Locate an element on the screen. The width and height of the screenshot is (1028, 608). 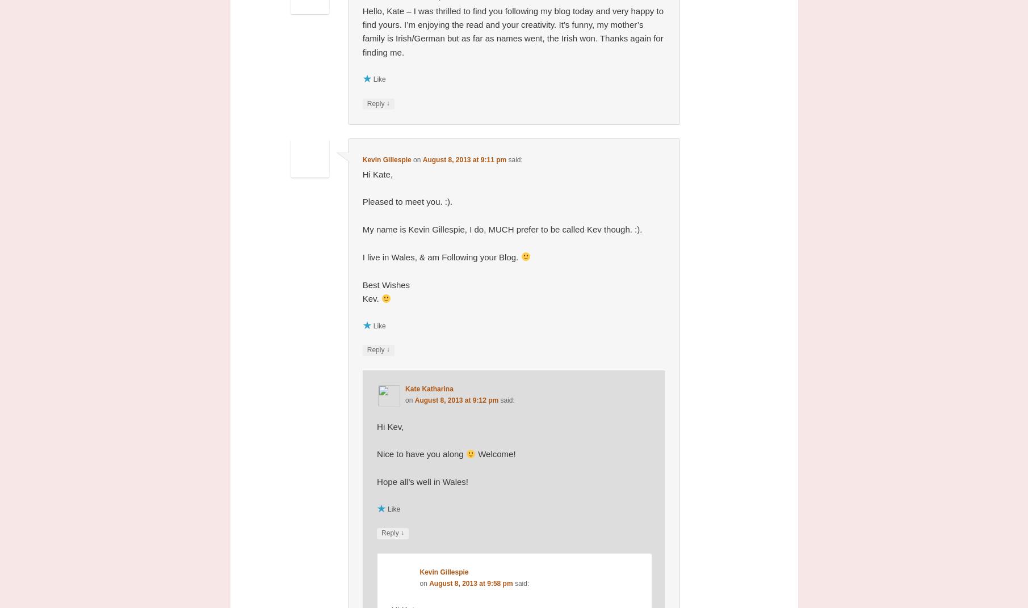
'Hi Kate,' is located at coordinates (377, 173).